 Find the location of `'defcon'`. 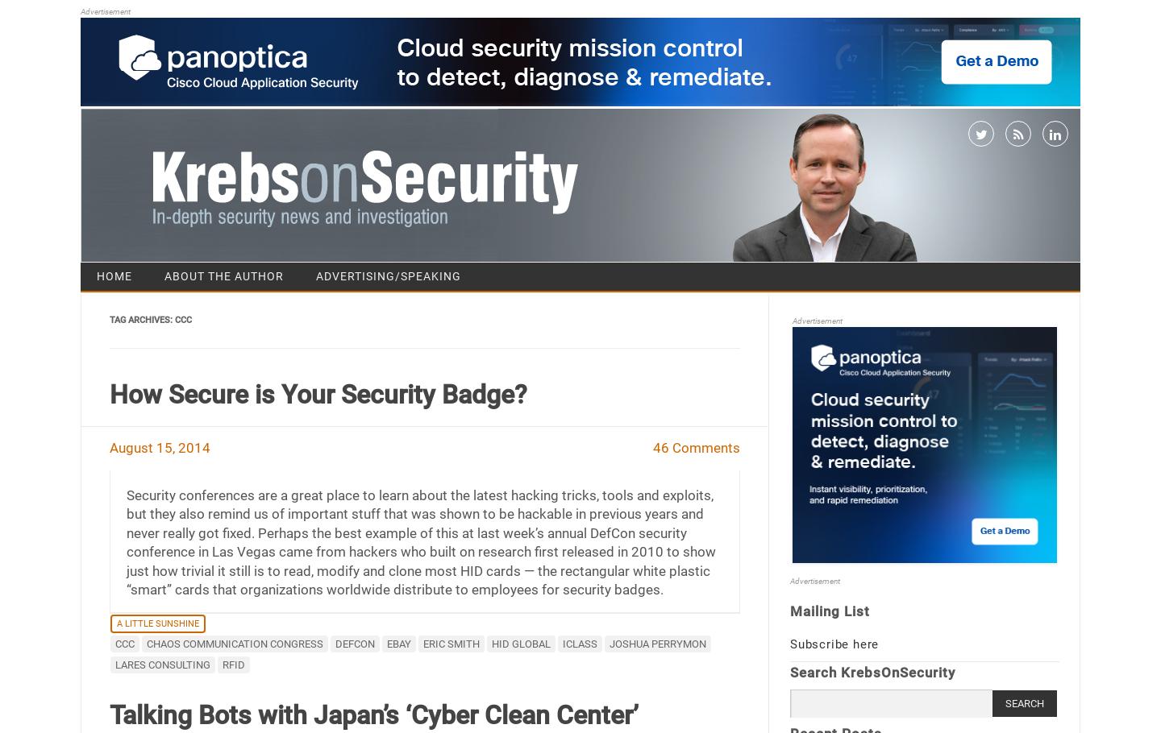

'defcon' is located at coordinates (354, 642).